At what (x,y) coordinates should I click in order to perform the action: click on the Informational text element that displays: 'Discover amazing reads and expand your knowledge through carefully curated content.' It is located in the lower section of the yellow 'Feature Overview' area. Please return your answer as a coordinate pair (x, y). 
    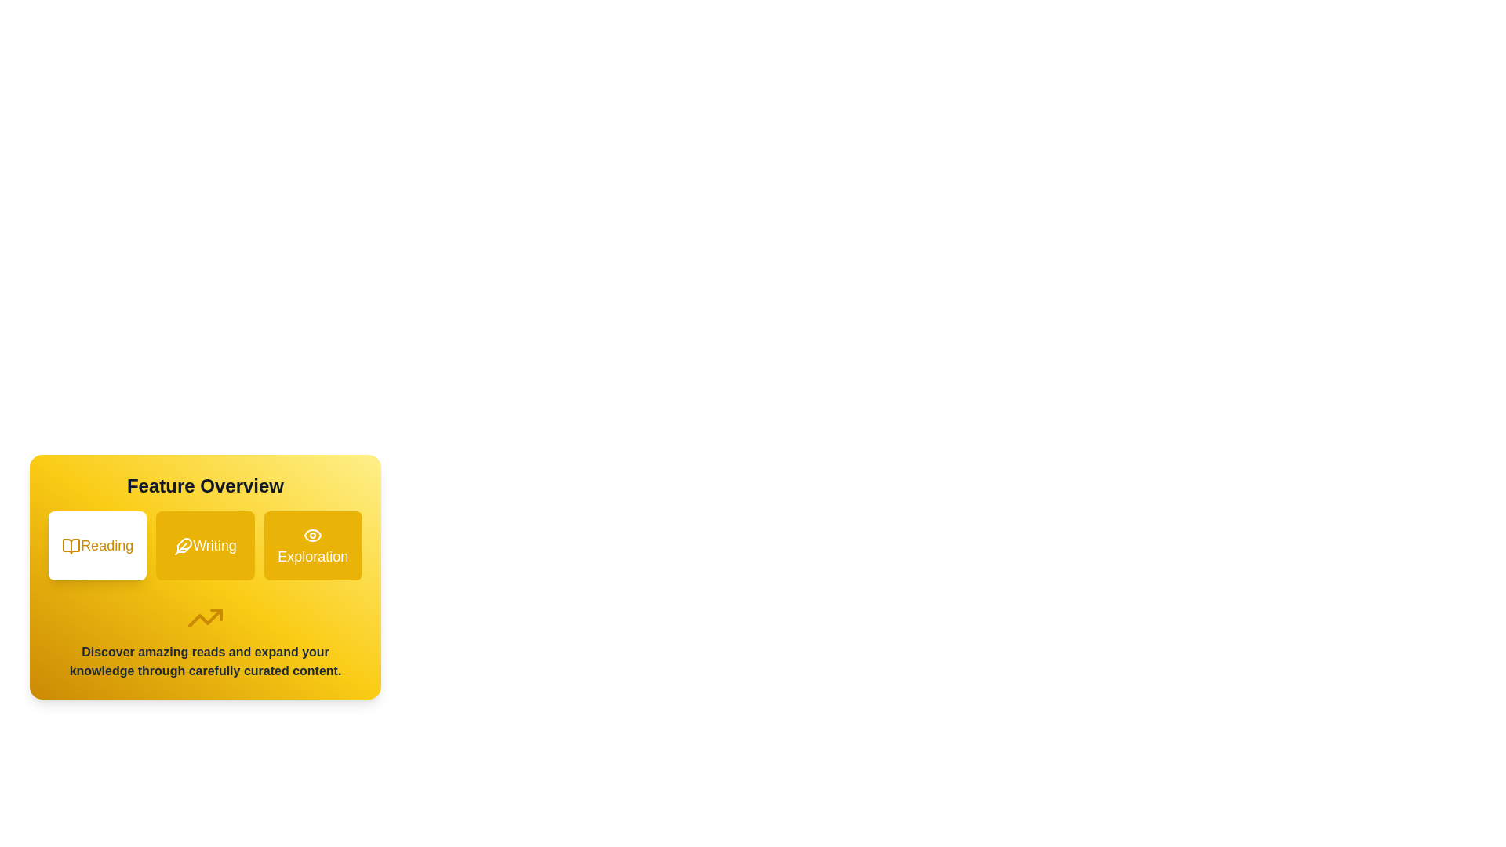
    Looking at the image, I should click on (205, 662).